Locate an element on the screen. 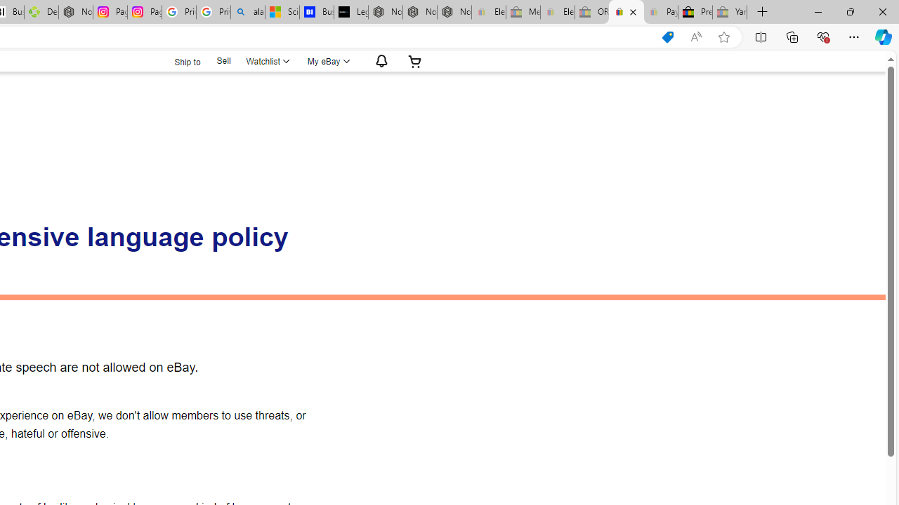 Image resolution: width=899 pixels, height=505 pixels. 'Threats and offensive language policy | eBay' is located at coordinates (626, 12).